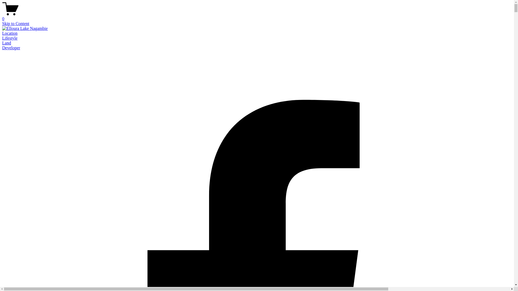 This screenshot has width=518, height=291. I want to click on '0', so click(257, 16).